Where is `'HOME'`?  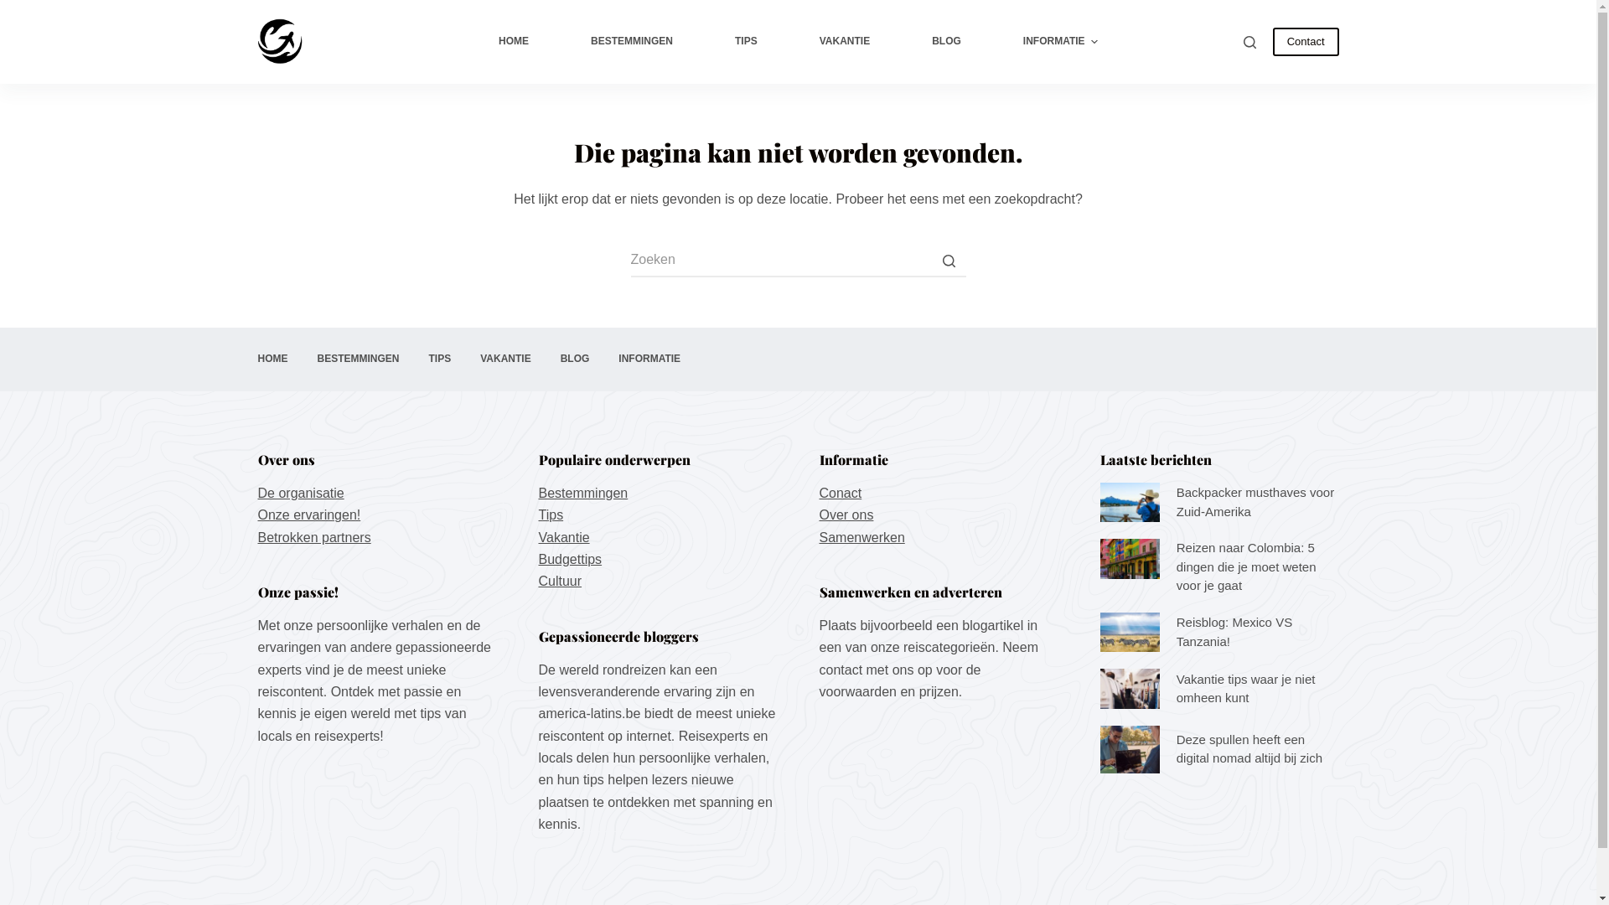 'HOME' is located at coordinates (513, 41).